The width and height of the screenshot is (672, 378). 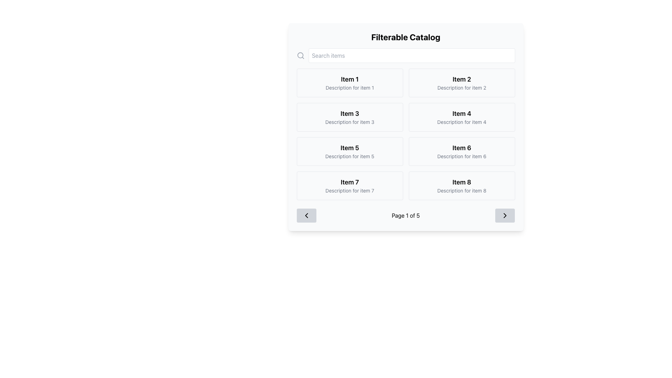 What do you see at coordinates (462, 156) in the screenshot?
I see `the text label located directly underneath 'Item 6' in the catalog interface, positioned in the rightmost column of the third row` at bounding box center [462, 156].